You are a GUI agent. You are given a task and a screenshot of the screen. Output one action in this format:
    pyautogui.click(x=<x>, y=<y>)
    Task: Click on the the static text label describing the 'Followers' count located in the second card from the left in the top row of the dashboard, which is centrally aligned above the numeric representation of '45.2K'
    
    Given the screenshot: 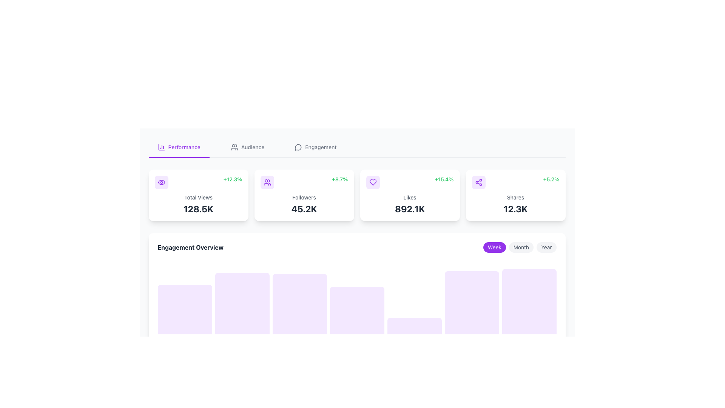 What is the action you would take?
    pyautogui.click(x=304, y=197)
    